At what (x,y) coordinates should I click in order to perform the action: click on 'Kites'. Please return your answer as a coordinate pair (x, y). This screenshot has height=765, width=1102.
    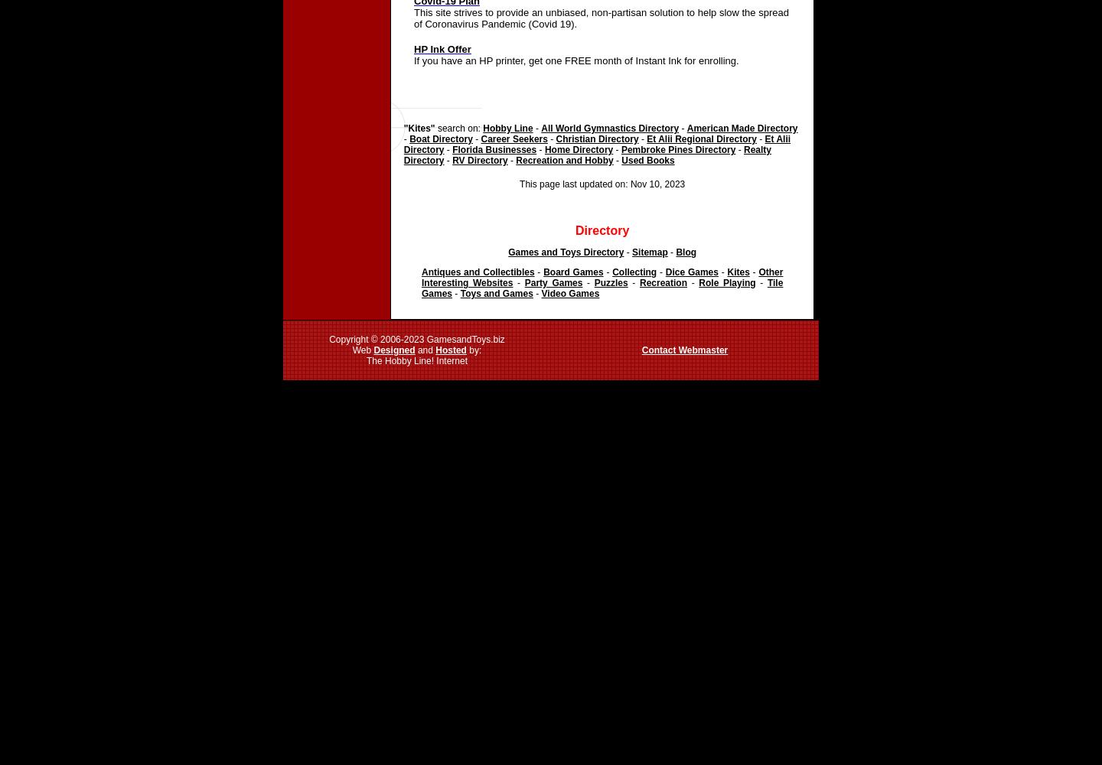
    Looking at the image, I should click on (737, 272).